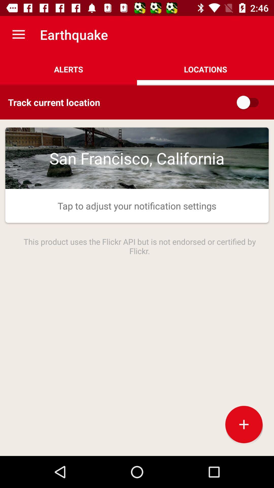  Describe the element at coordinates (18, 34) in the screenshot. I see `the app next to the earthquake item` at that location.